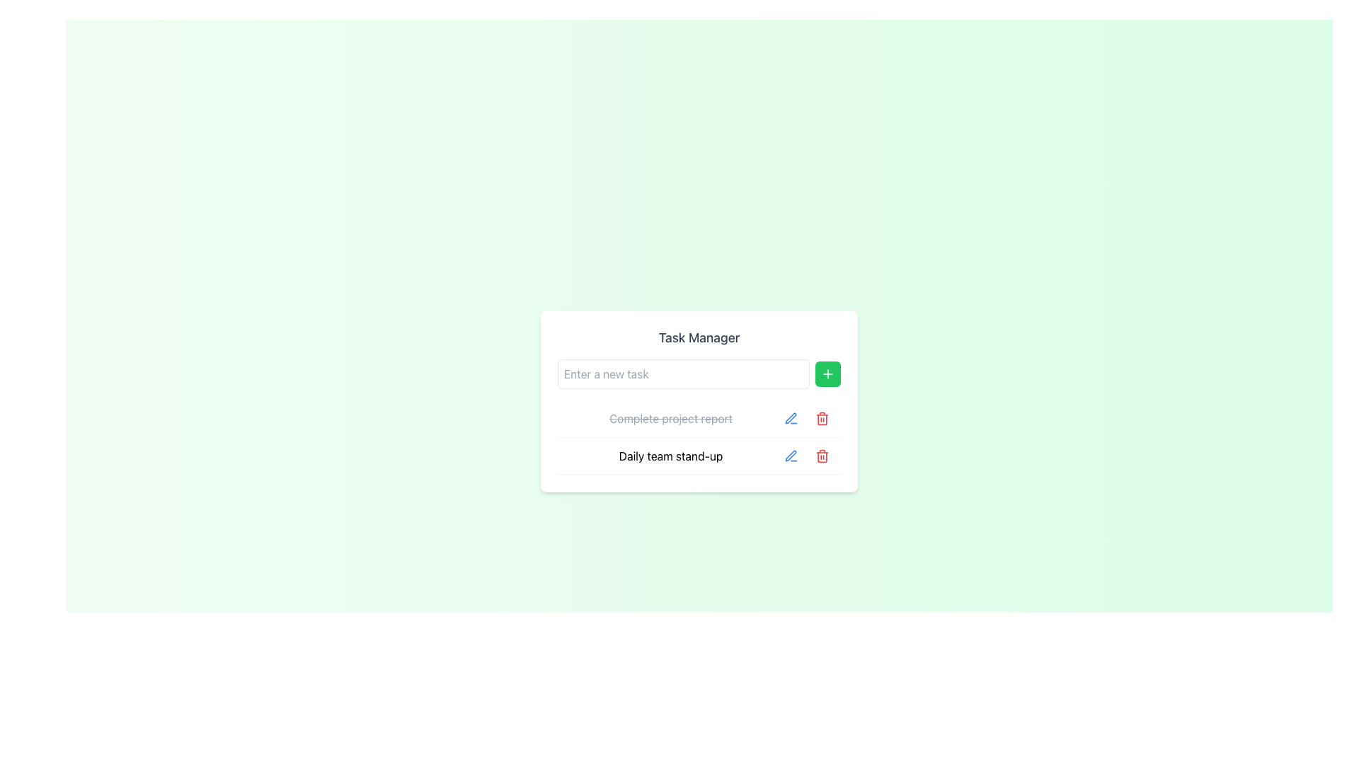 The height and width of the screenshot is (764, 1359). What do you see at coordinates (822, 456) in the screenshot?
I see `the trash bin icon button located in the second entry row of the task list` at bounding box center [822, 456].